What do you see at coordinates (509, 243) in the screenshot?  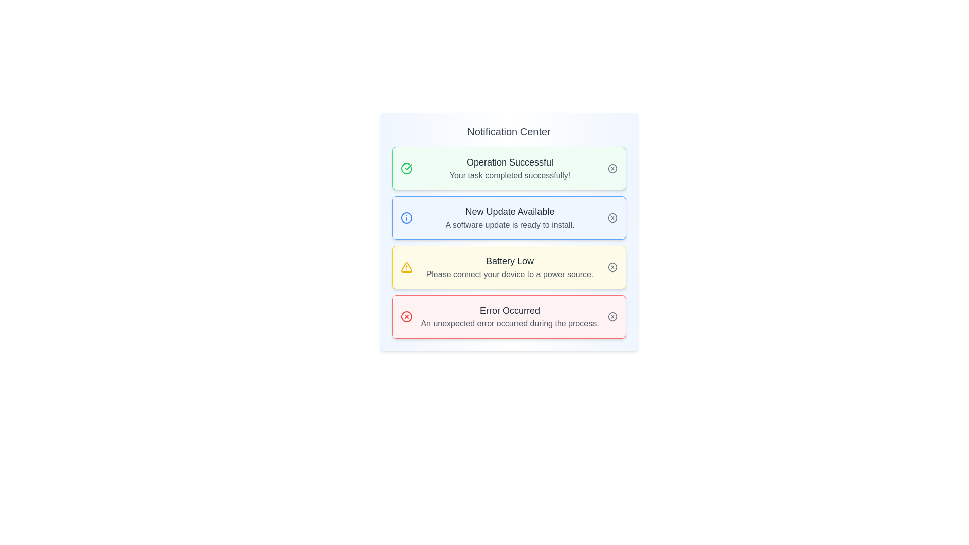 I see `the yellow Notification Card indicating 'battery low', which is the third card in the Notification Center below the title text` at bounding box center [509, 243].